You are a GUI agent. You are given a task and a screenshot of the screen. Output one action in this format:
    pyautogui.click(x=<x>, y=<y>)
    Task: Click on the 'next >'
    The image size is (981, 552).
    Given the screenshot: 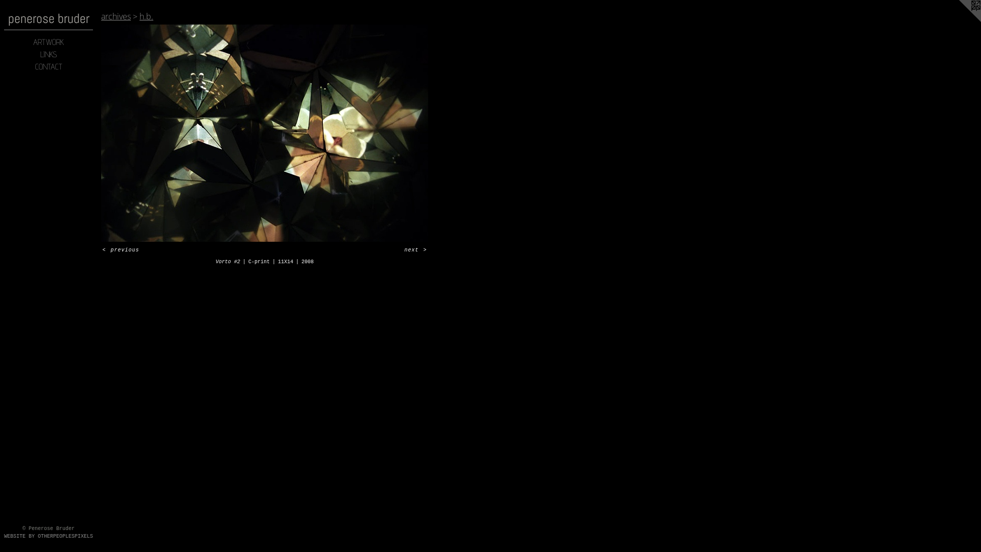 What is the action you would take?
    pyautogui.click(x=415, y=250)
    